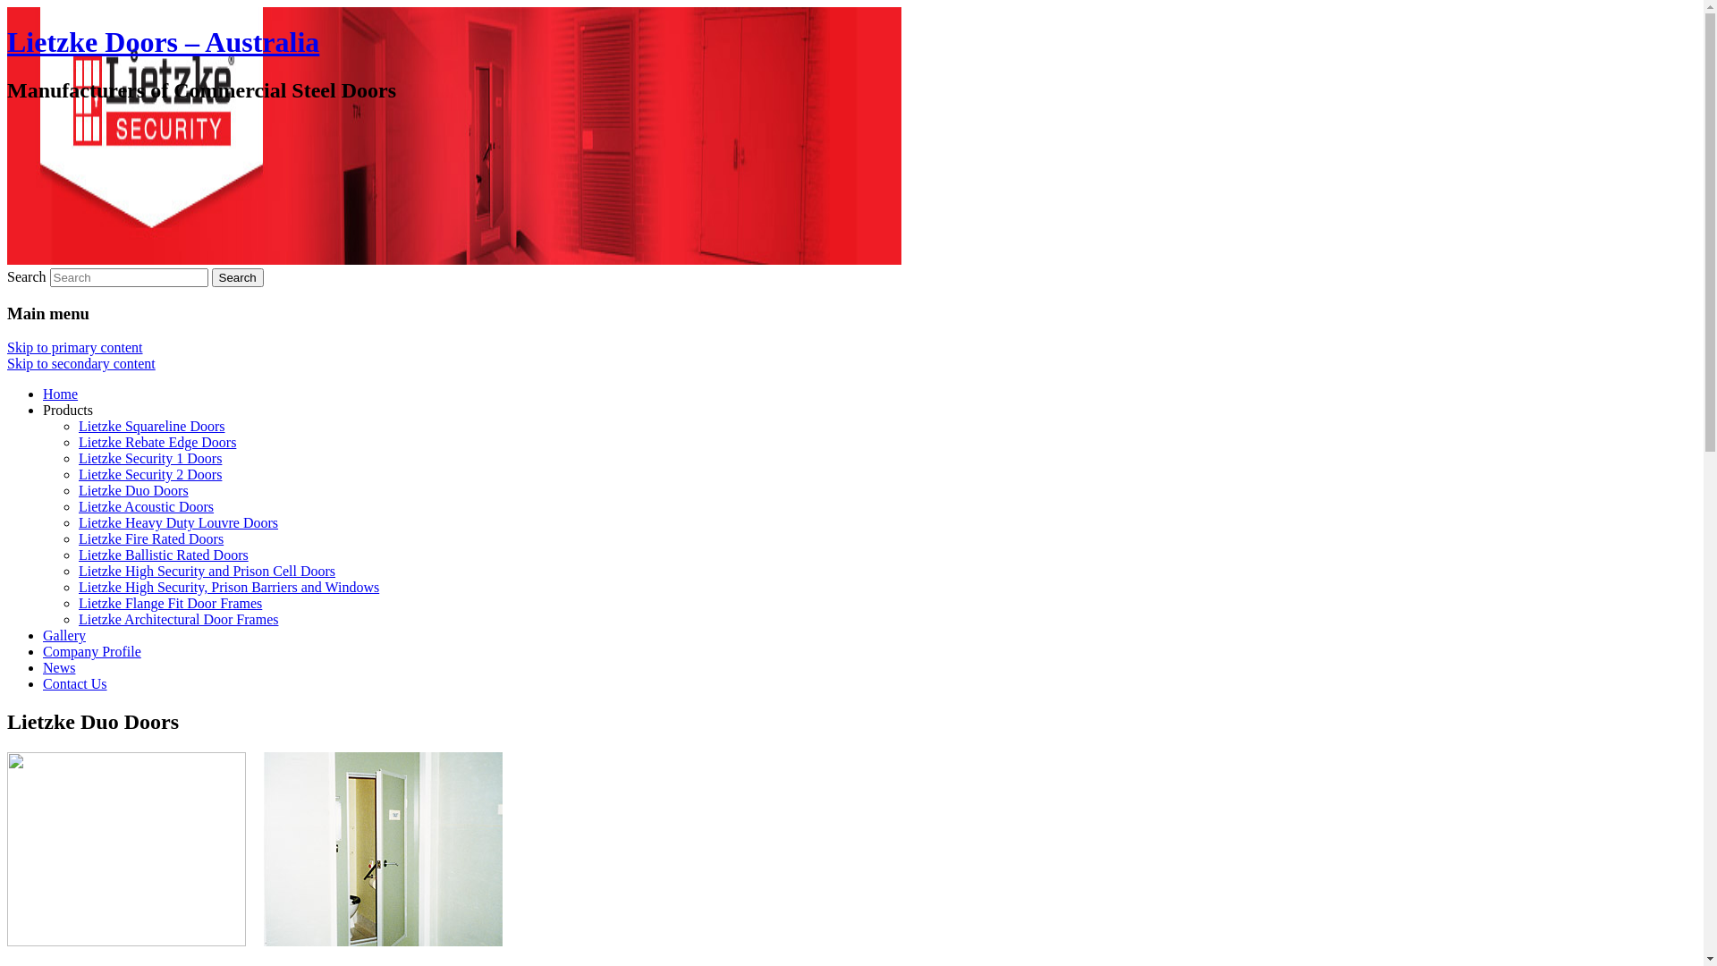 The height and width of the screenshot is (966, 1717). What do you see at coordinates (59, 667) in the screenshot?
I see `'News'` at bounding box center [59, 667].